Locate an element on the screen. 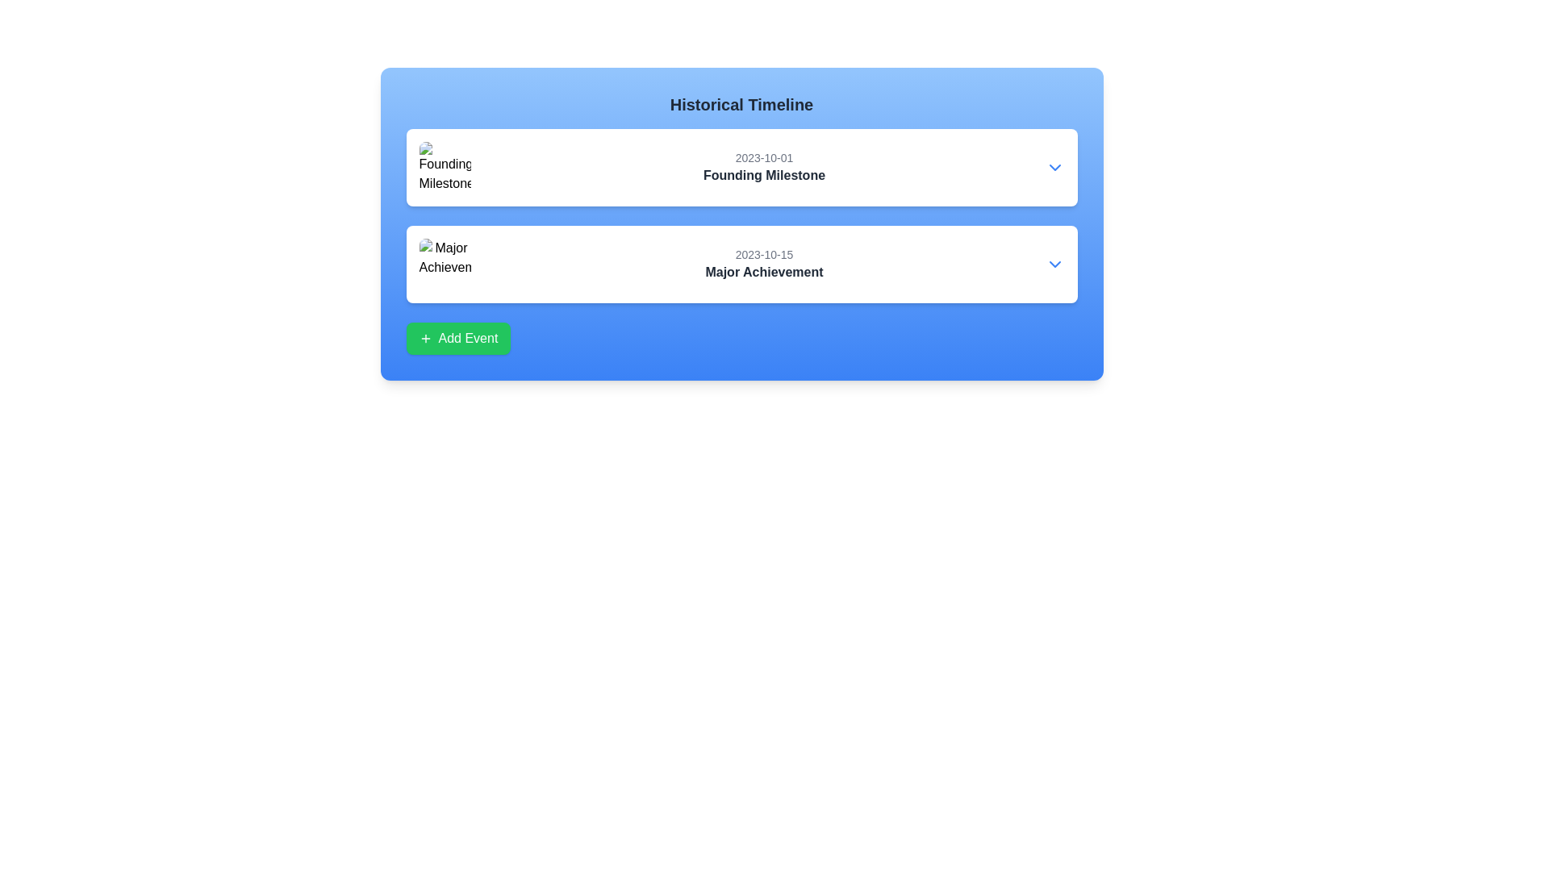 The height and width of the screenshot is (871, 1549). the static text label displaying the date for the 'Founding Milestone' event, which is positioned above the associated text is located at coordinates (763, 158).